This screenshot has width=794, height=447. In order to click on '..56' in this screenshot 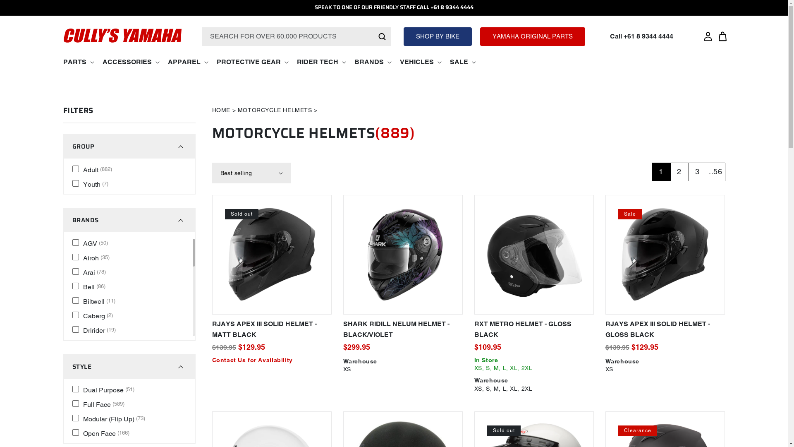, I will do `click(715, 171)`.